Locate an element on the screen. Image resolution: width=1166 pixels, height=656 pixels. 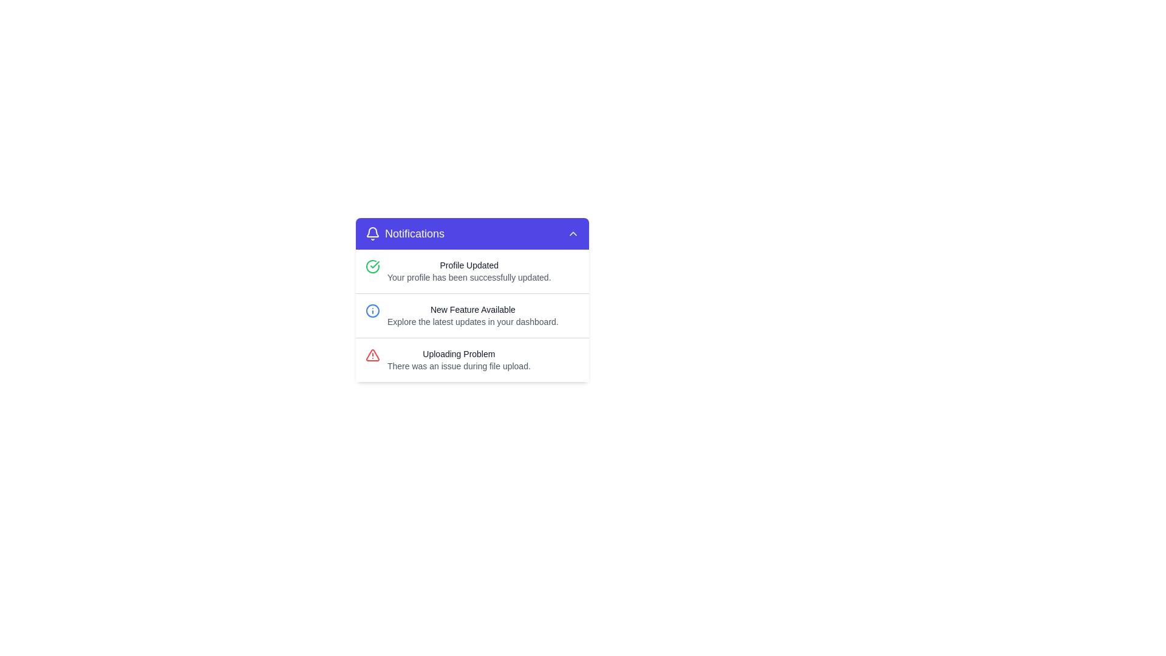
the information icon of the Notification Item titled 'New Feature Available' is located at coordinates (471, 315).